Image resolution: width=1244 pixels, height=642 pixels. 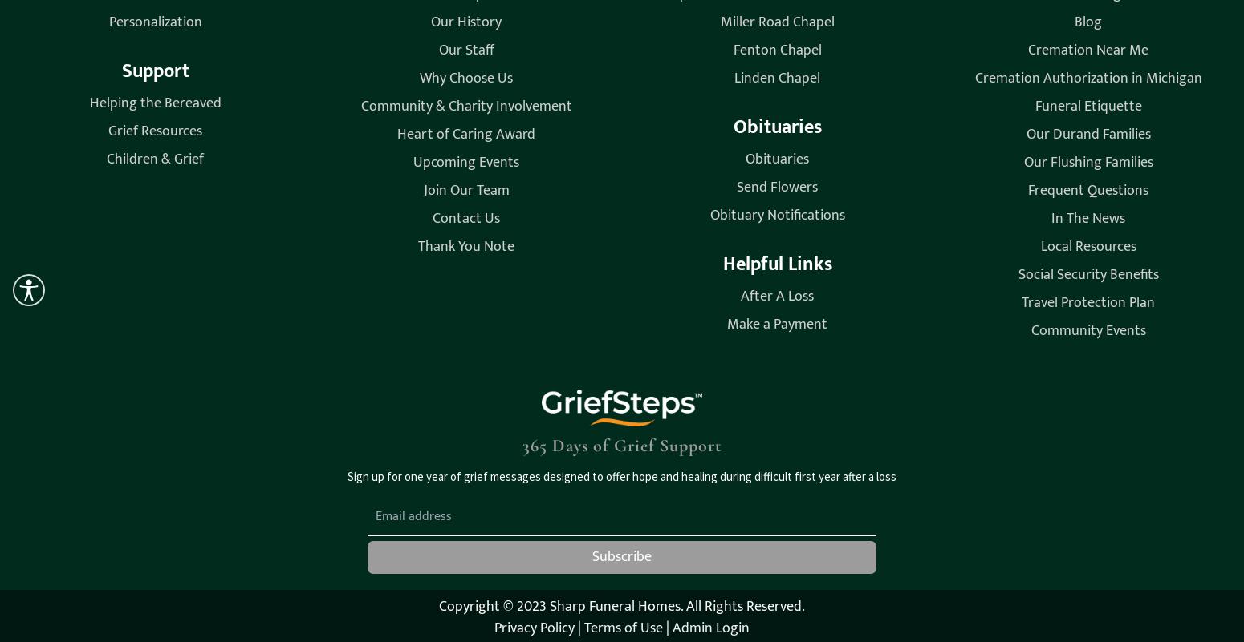 I want to click on 'Social Security Benefits', so click(x=1087, y=273).